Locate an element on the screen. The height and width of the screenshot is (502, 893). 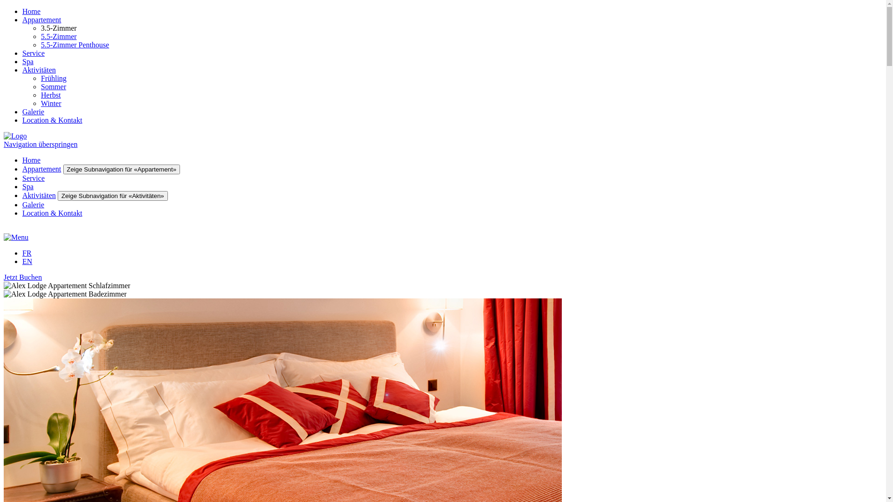
'Appartement' is located at coordinates (22, 20).